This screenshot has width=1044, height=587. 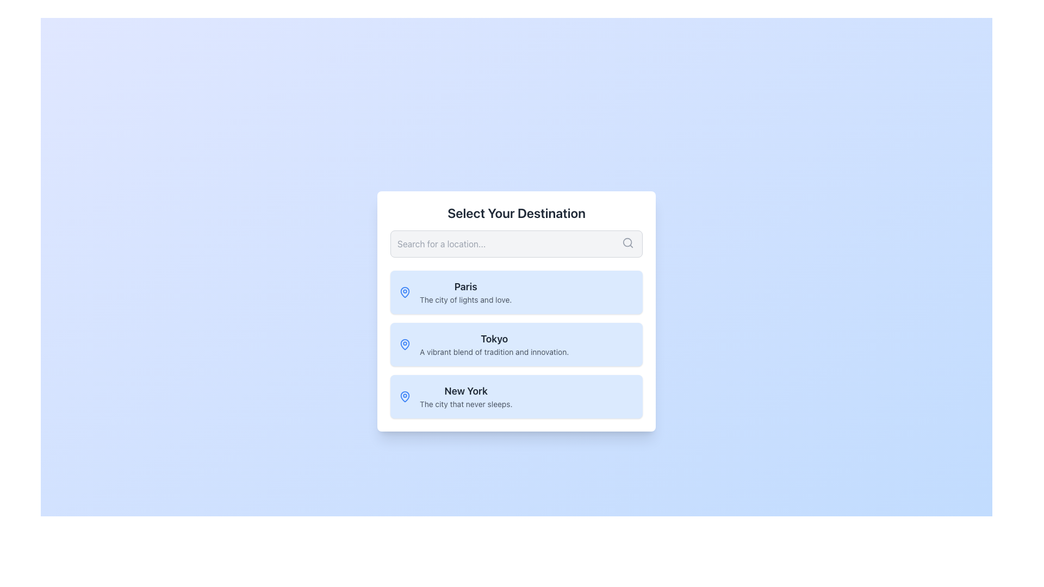 What do you see at coordinates (404, 344) in the screenshot?
I see `the blue map pin-shaped icon located to the left of the text heading 'Tokyo'` at bounding box center [404, 344].